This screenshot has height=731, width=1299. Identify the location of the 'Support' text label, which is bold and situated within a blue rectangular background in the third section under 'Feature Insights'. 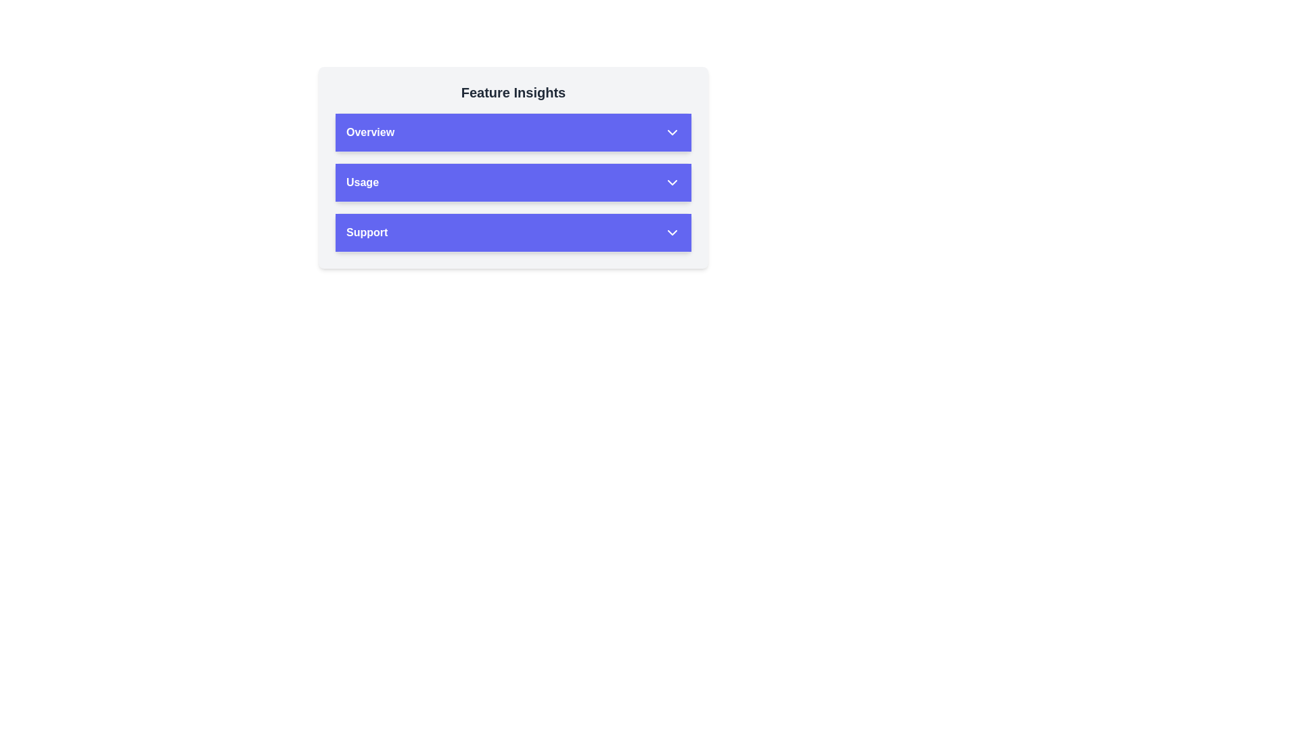
(367, 231).